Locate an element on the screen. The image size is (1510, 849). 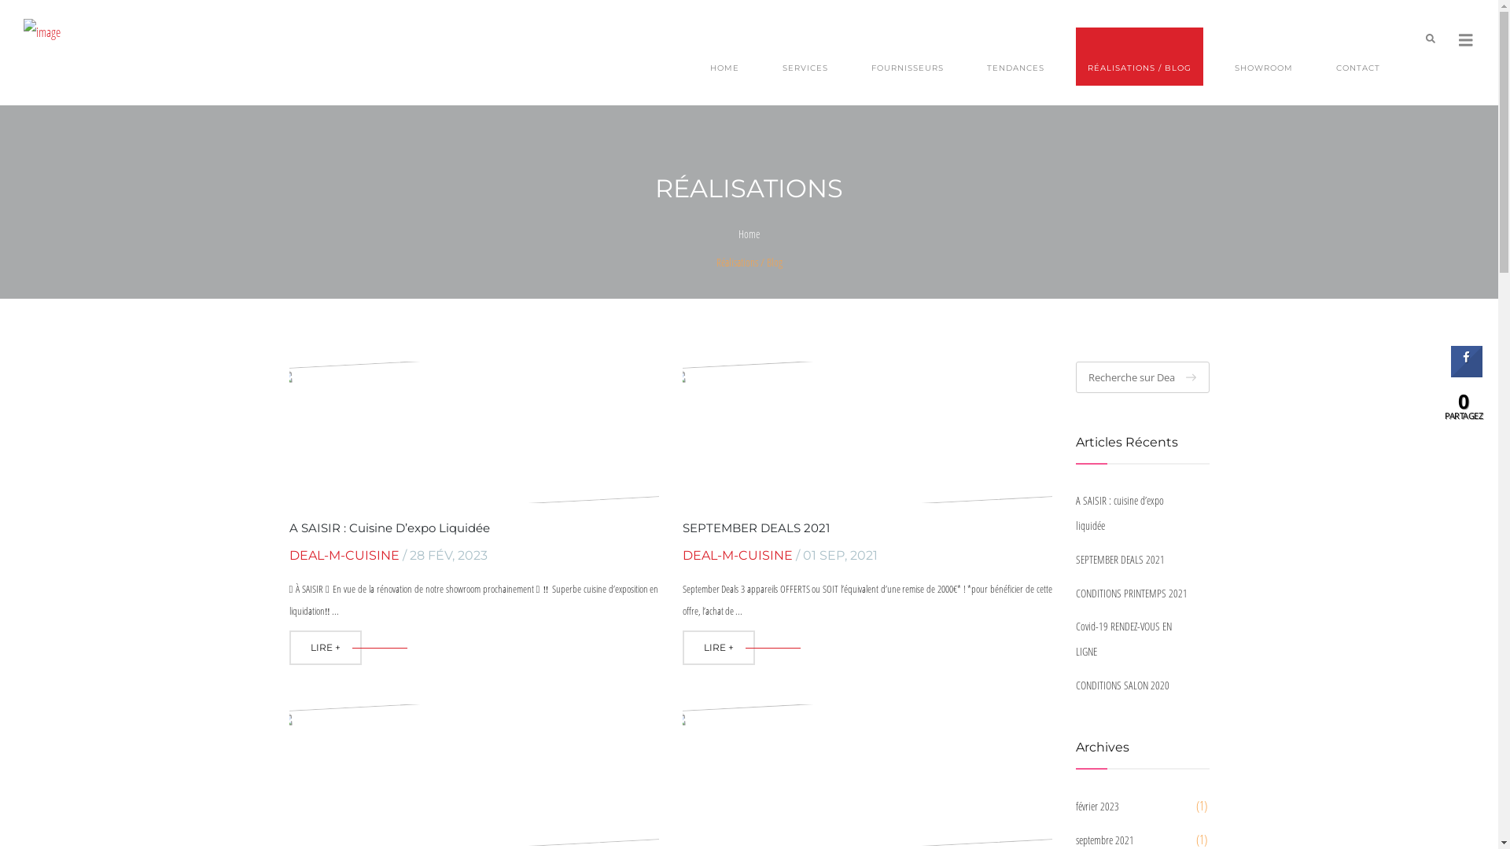
'HOME' is located at coordinates (698, 56).